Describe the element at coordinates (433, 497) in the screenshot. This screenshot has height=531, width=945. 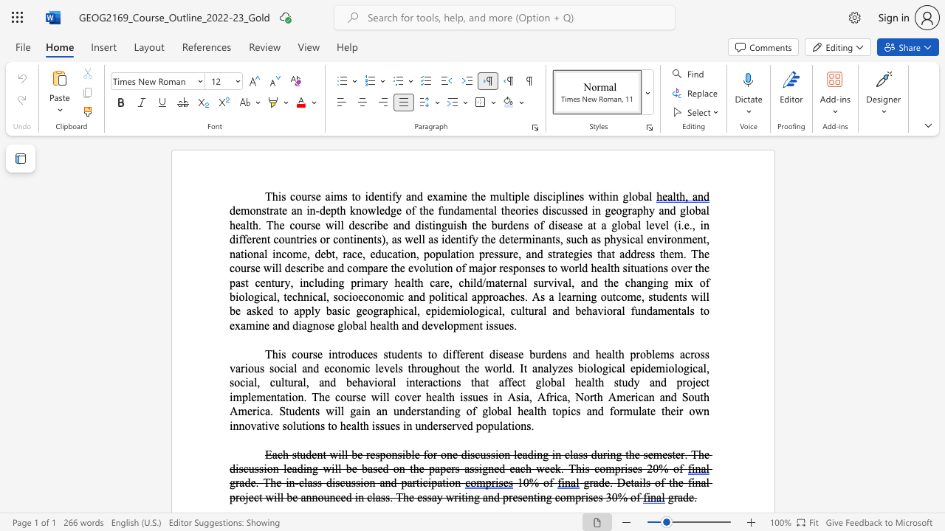
I see `the 3th character "a" in the text` at that location.